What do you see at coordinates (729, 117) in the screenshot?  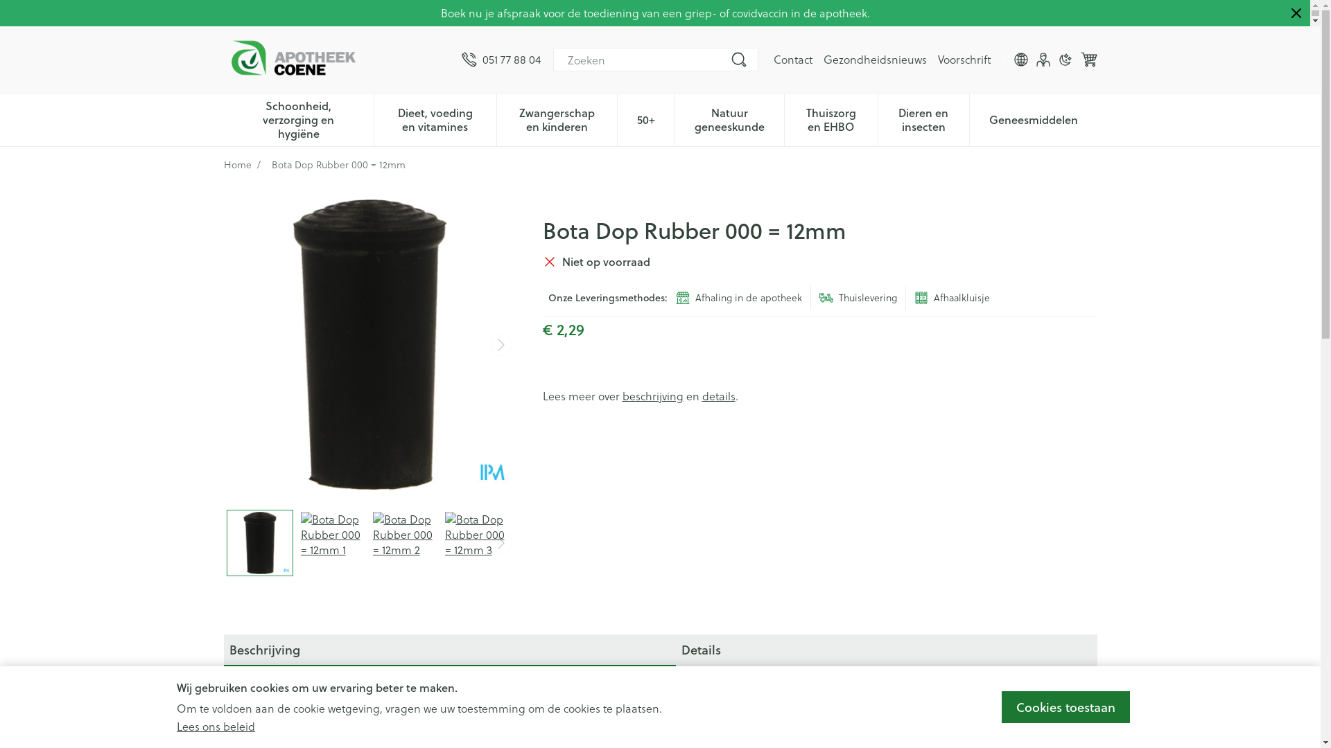 I see `'Natuur geneeskunde'` at bounding box center [729, 117].